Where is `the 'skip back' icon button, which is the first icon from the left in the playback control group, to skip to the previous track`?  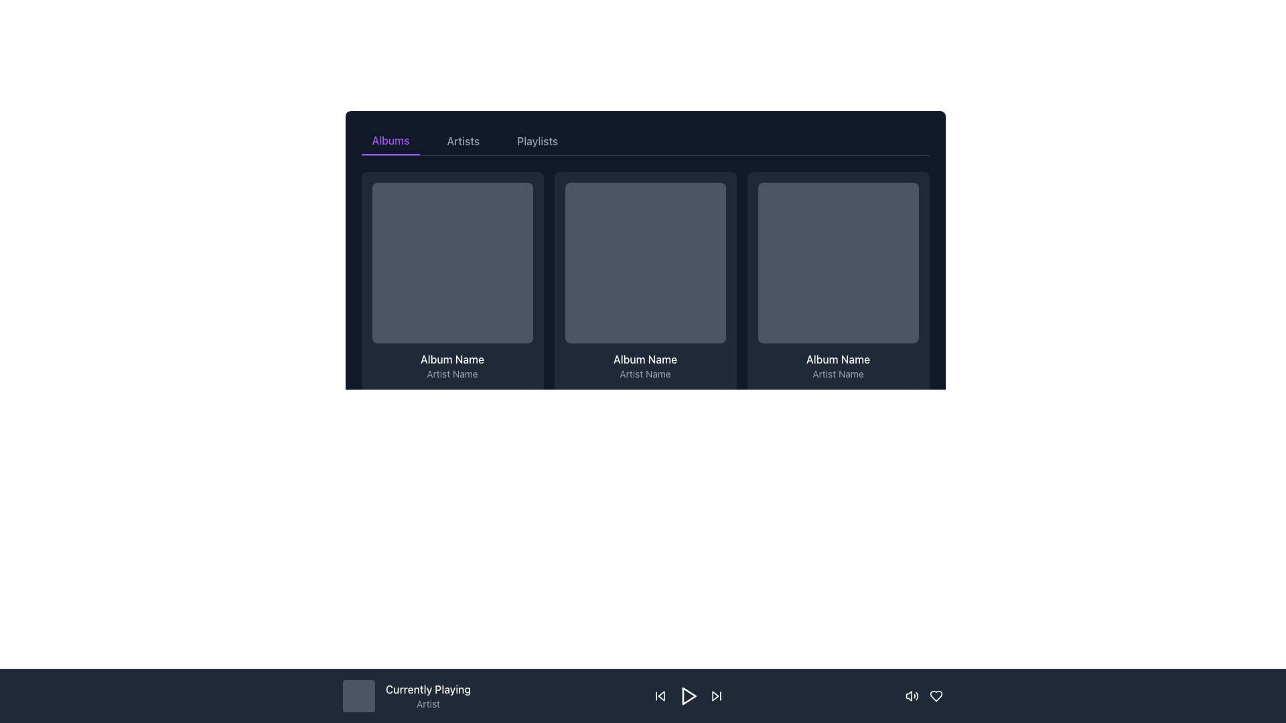 the 'skip back' icon button, which is the first icon from the left in the playback control group, to skip to the previous track is located at coordinates (660, 696).